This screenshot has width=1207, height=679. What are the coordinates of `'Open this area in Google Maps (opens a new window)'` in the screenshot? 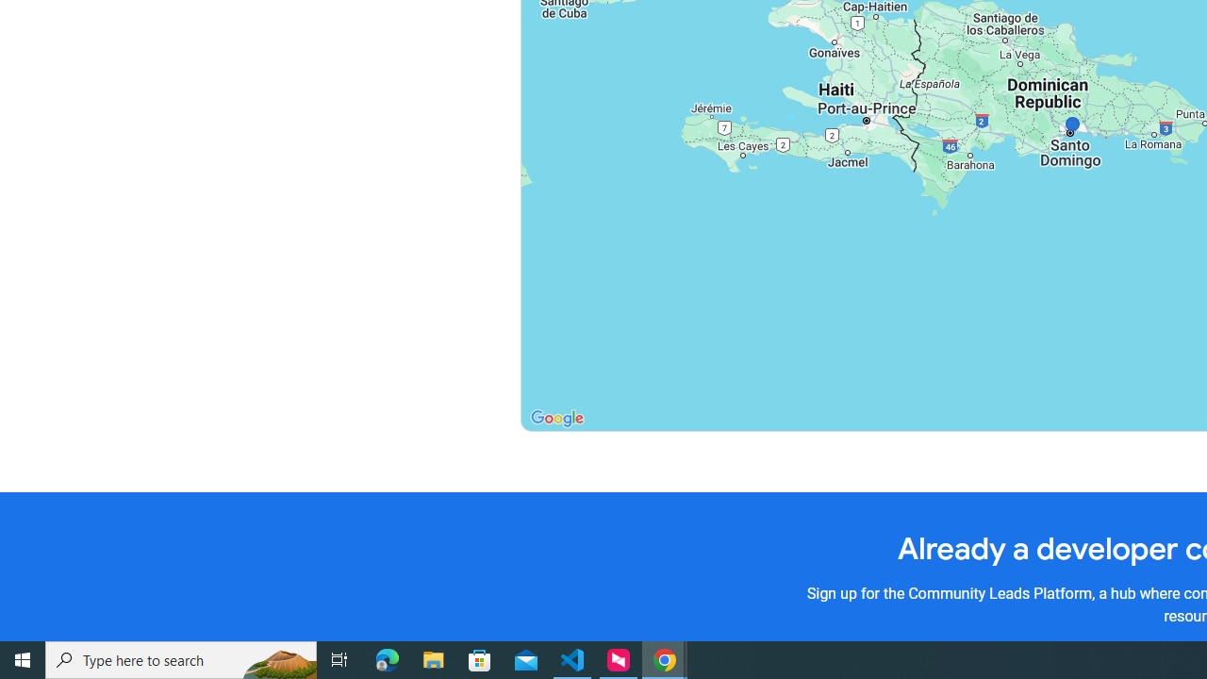 It's located at (555, 418).